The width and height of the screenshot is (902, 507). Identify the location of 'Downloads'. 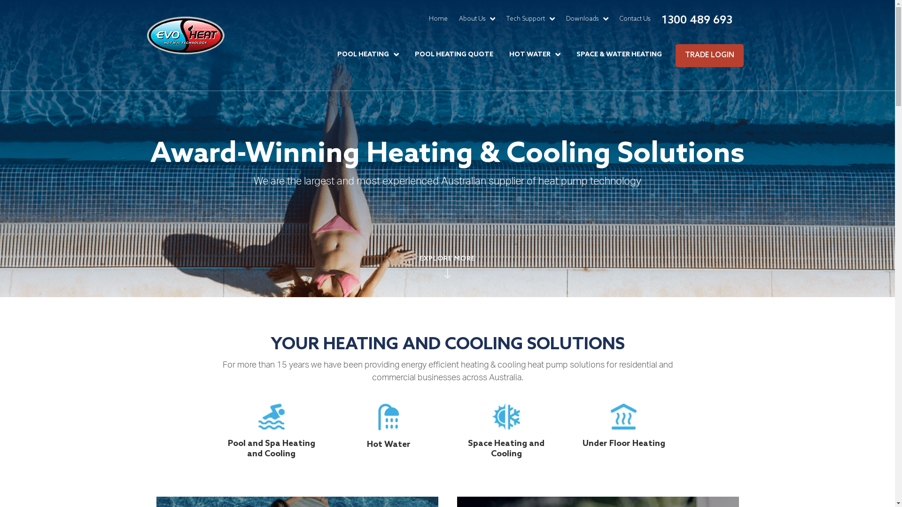
(565, 19).